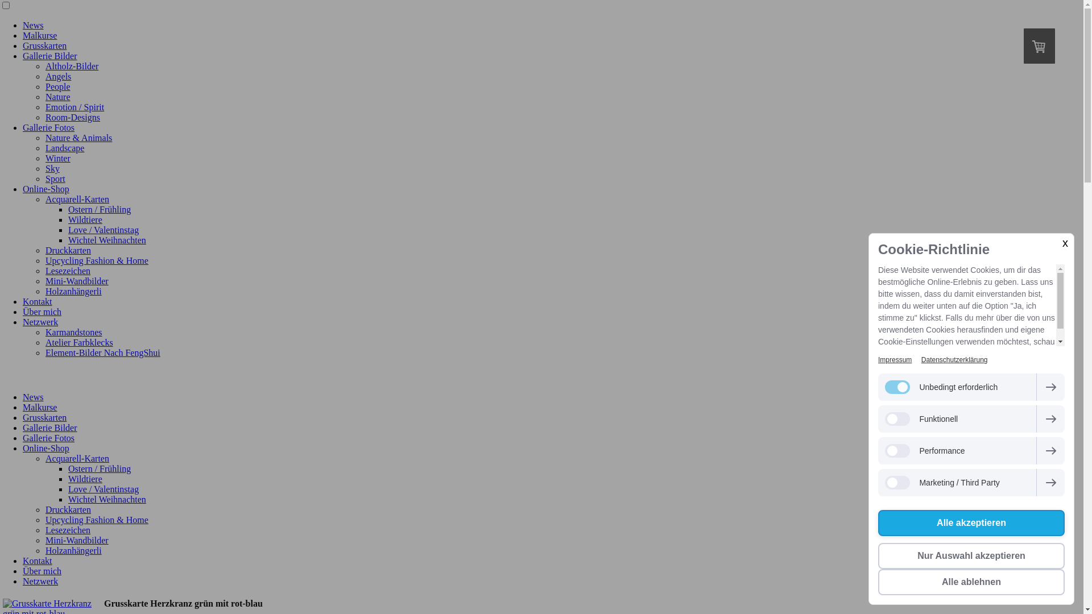 This screenshot has height=614, width=1092. What do you see at coordinates (107, 499) in the screenshot?
I see `'Wichtel Weihnachten'` at bounding box center [107, 499].